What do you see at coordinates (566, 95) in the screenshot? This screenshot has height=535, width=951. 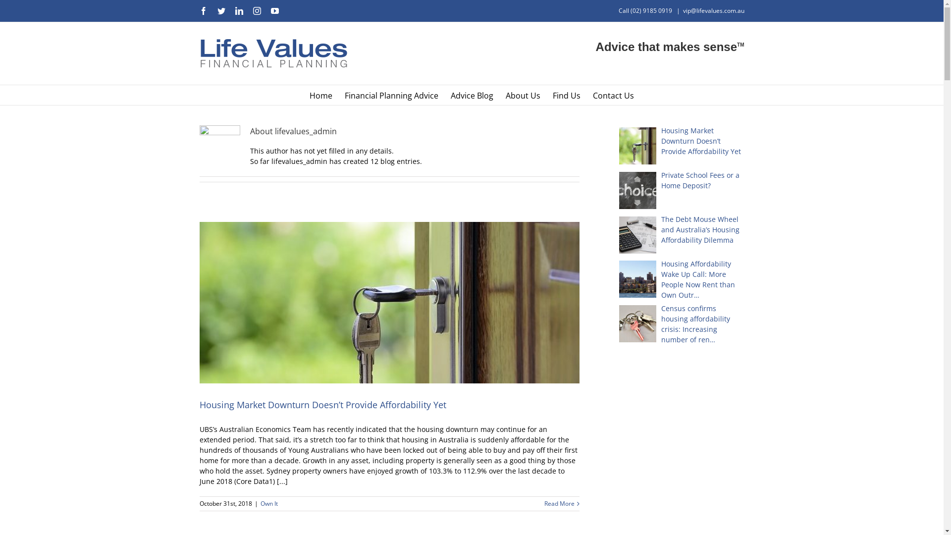 I see `'Find Us'` at bounding box center [566, 95].